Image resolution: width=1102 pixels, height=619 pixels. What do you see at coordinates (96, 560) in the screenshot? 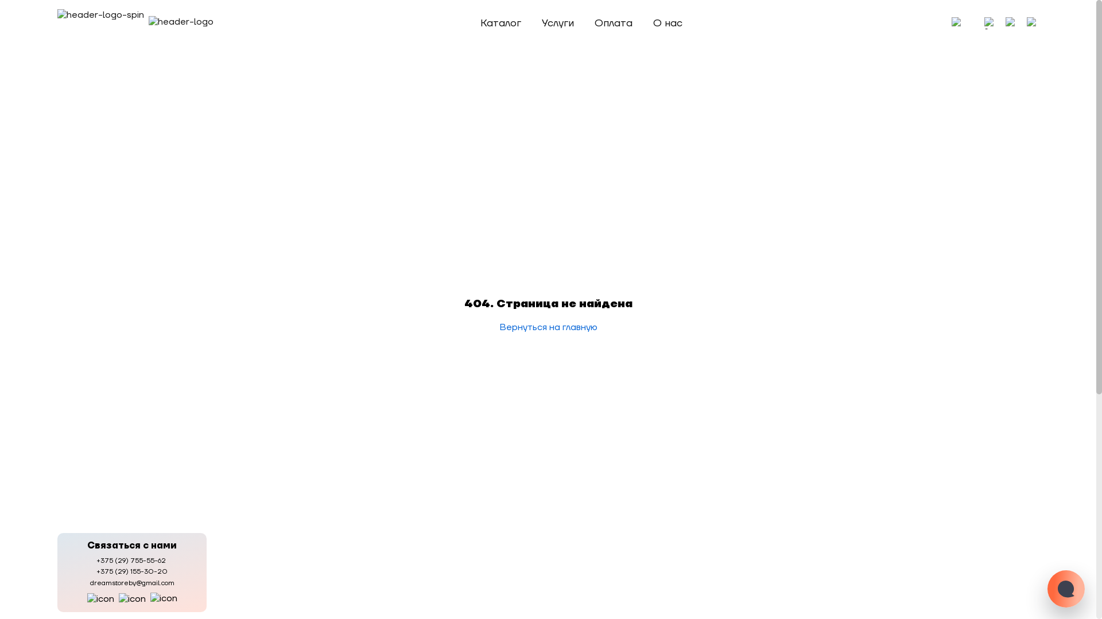
I see `'+375 (29) 755-55-62'` at bounding box center [96, 560].